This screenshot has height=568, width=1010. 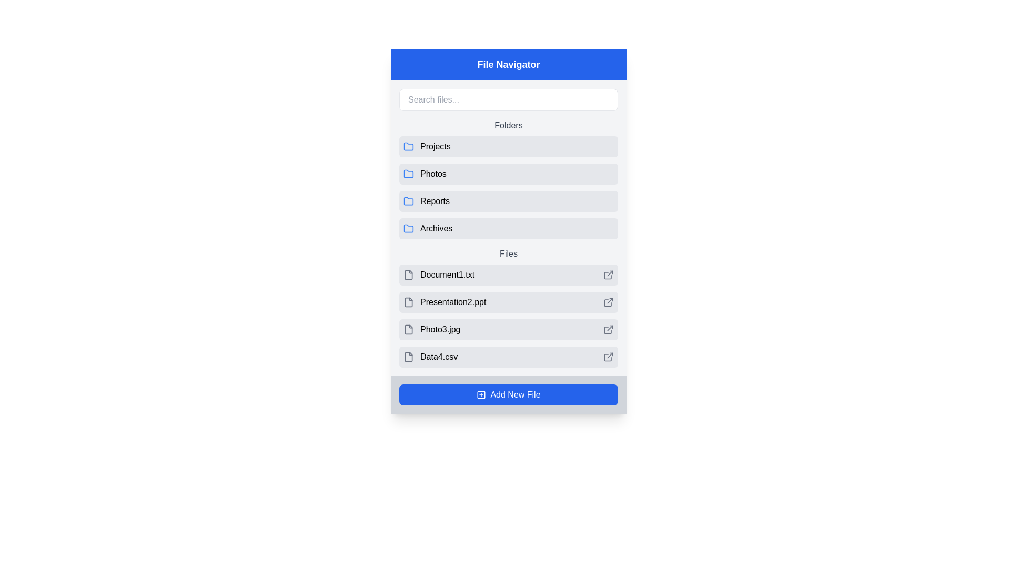 I want to click on the document icon in the 'Files' section, so click(x=408, y=275).